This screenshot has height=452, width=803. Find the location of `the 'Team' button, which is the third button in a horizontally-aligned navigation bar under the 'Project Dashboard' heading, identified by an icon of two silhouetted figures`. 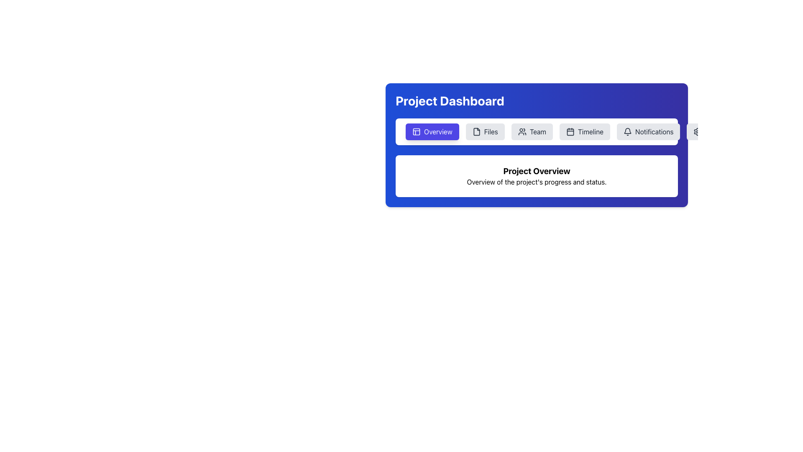

the 'Team' button, which is the third button in a horizontally-aligned navigation bar under the 'Project Dashboard' heading, identified by an icon of two silhouetted figures is located at coordinates (522, 132).